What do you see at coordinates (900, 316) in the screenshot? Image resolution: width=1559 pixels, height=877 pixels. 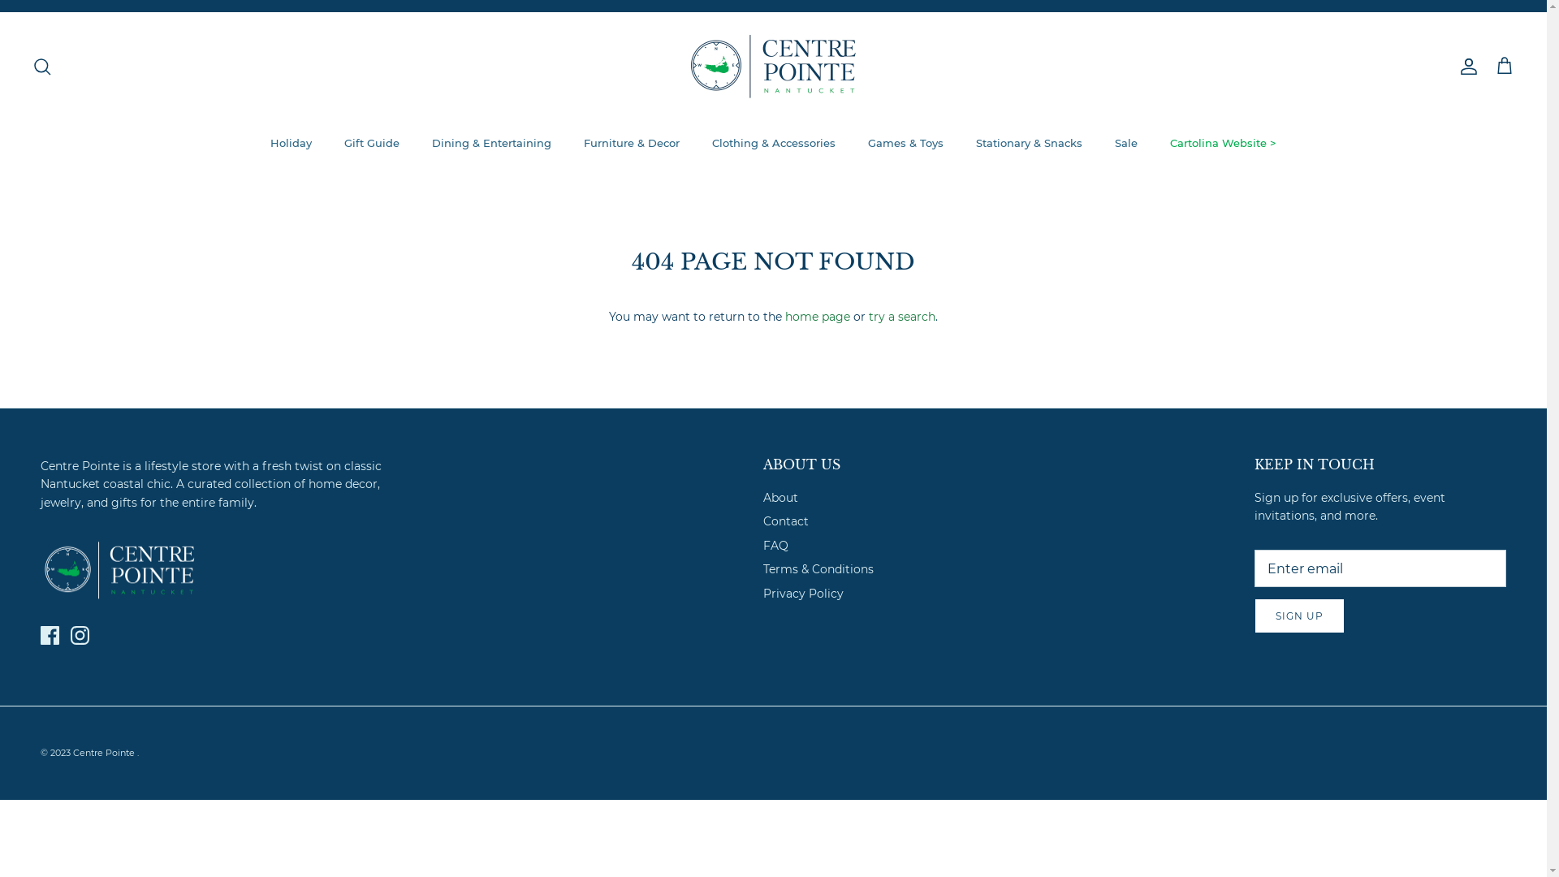 I see `'try a search'` at bounding box center [900, 316].